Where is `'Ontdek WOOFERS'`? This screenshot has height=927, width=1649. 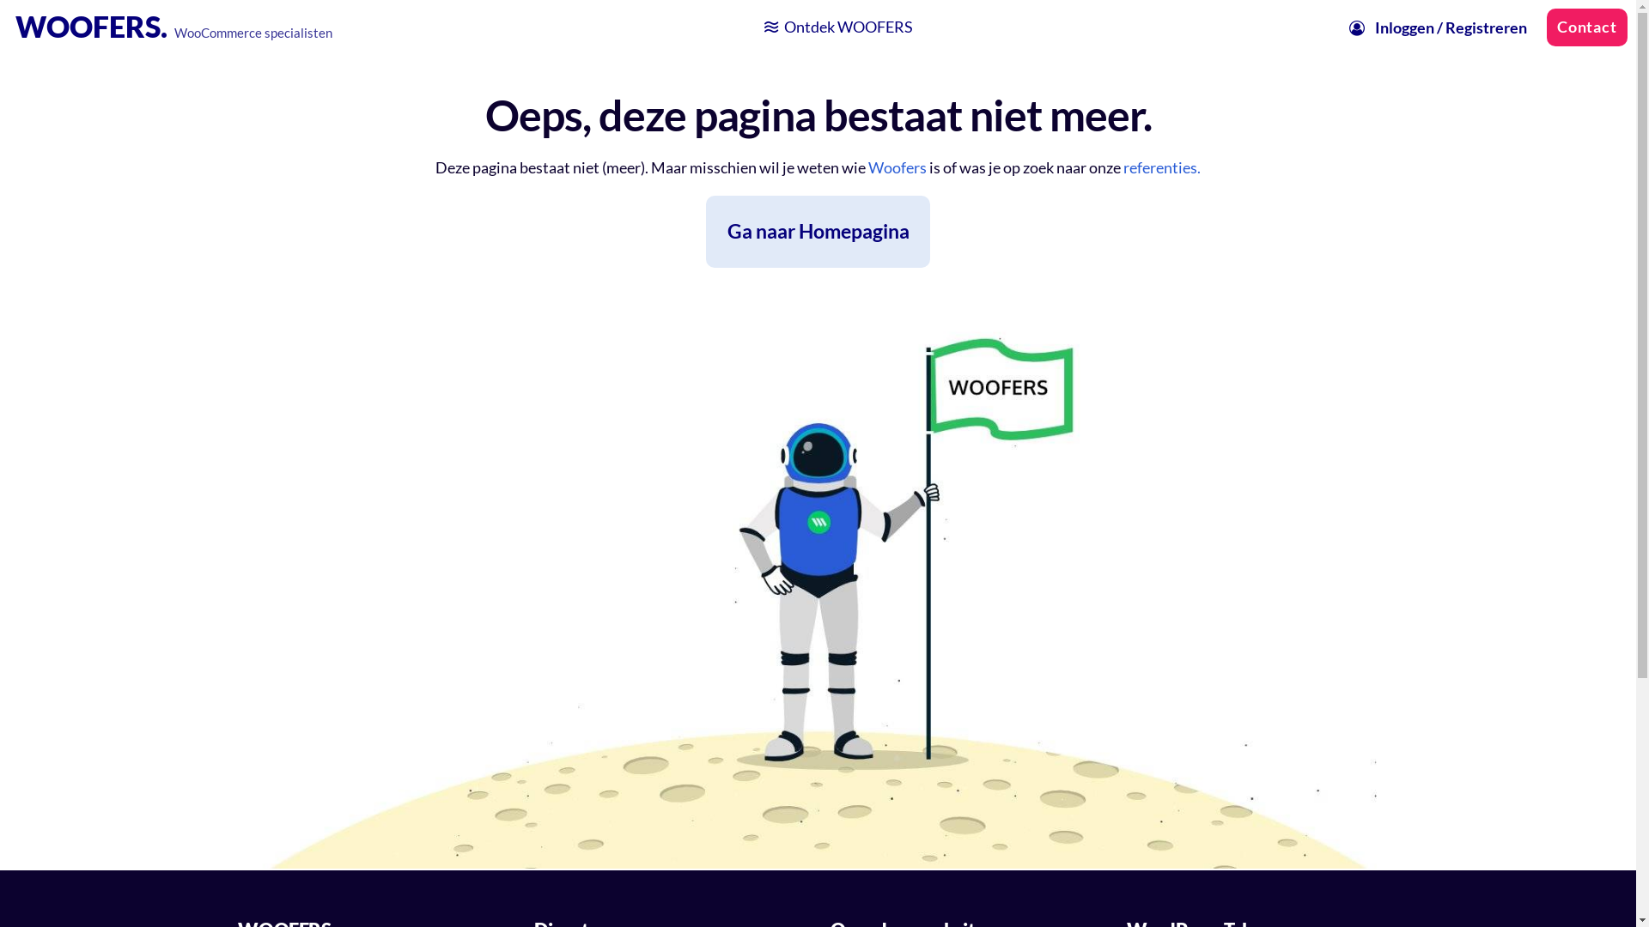 'Ontdek WOOFERS' is located at coordinates (837, 27).